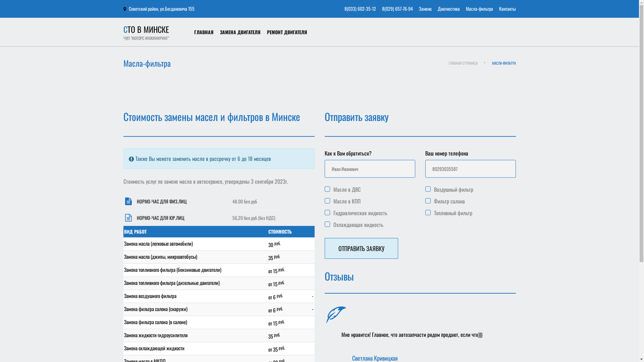  What do you see at coordinates (360, 8) in the screenshot?
I see `'8(033) 602-35-12'` at bounding box center [360, 8].